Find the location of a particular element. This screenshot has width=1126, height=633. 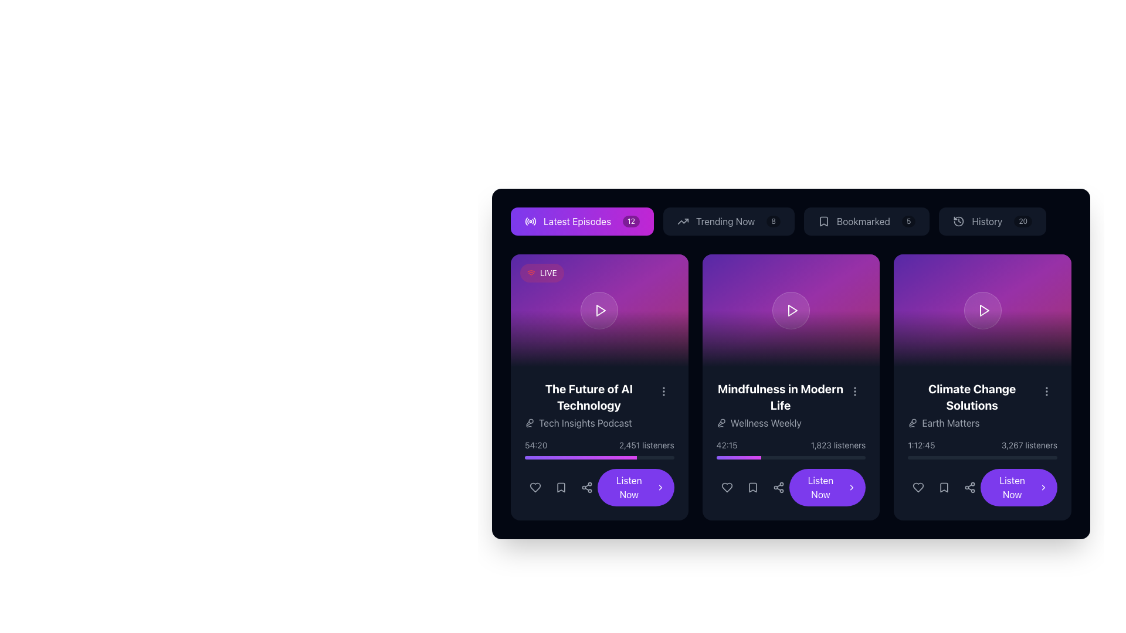

the progress bar of the podcast episode card located in the middle of the list to skip playback is located at coordinates (791, 443).